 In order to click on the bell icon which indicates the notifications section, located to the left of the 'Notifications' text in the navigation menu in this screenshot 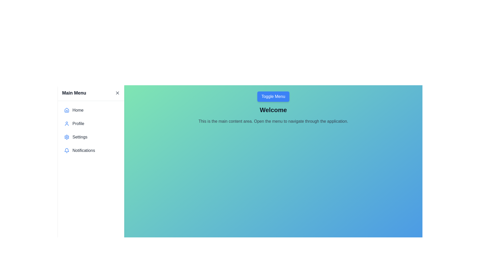, I will do `click(67, 150)`.